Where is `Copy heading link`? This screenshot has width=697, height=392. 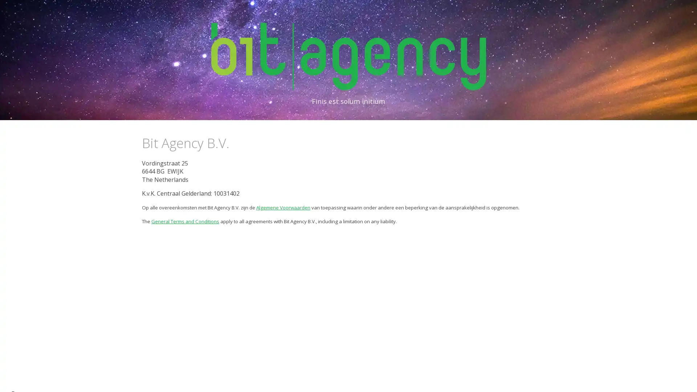
Copy heading link is located at coordinates (237, 143).